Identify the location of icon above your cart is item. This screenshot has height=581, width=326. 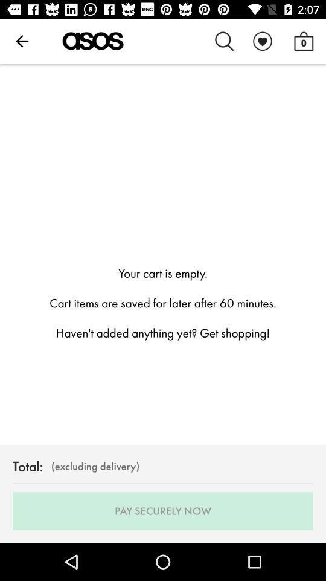
(303, 41).